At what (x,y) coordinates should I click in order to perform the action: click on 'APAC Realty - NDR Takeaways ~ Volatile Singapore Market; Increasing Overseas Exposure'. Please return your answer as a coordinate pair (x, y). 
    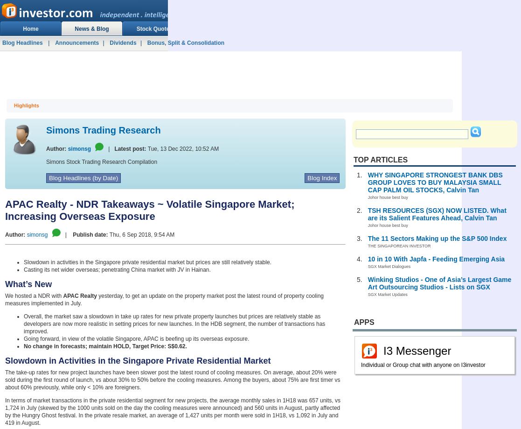
    Looking at the image, I should click on (149, 210).